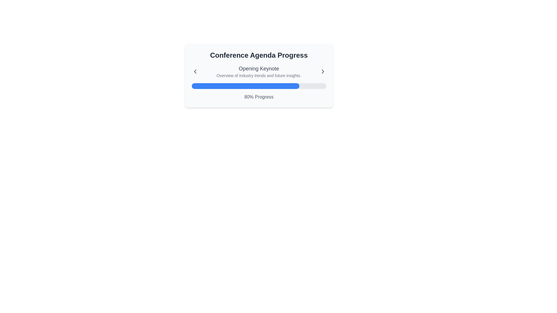 The image size is (557, 313). I want to click on the chevron button located on the left side of the horizontal bar group for 'Opening Keynote', so click(195, 71).